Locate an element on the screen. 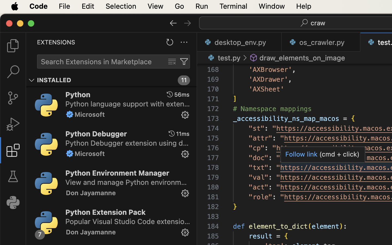 The width and height of the screenshot is (392, 245). '0 desktop_env.py  ' is located at coordinates (239, 42).